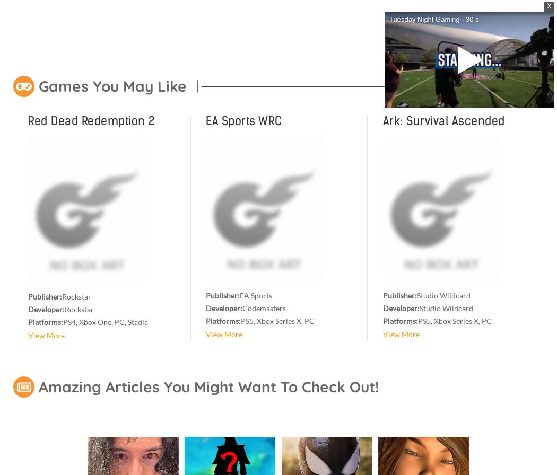  I want to click on 'Ark: Survival Ascended', so click(443, 121).